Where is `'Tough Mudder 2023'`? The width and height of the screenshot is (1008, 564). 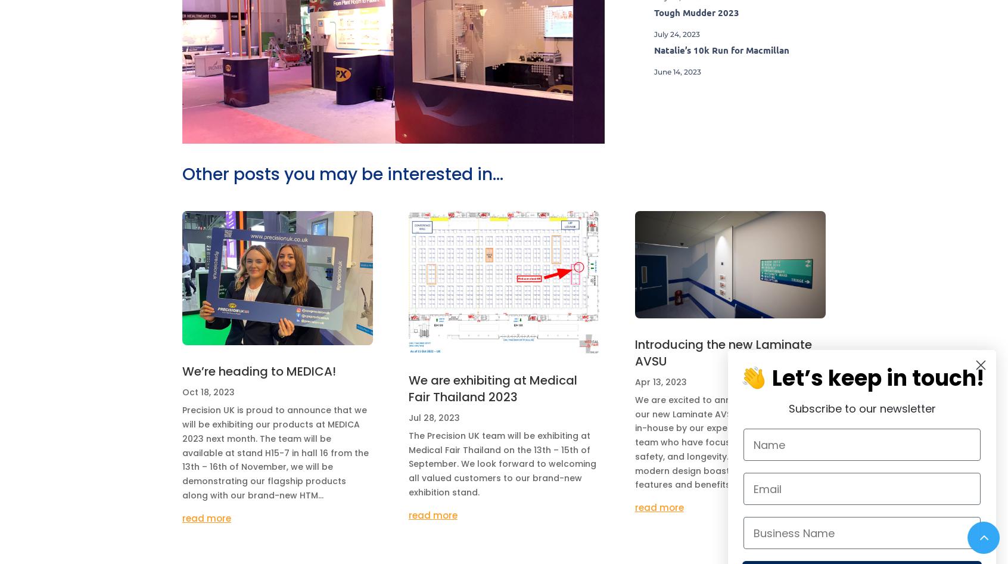 'Tough Mudder 2023' is located at coordinates (695, 13).